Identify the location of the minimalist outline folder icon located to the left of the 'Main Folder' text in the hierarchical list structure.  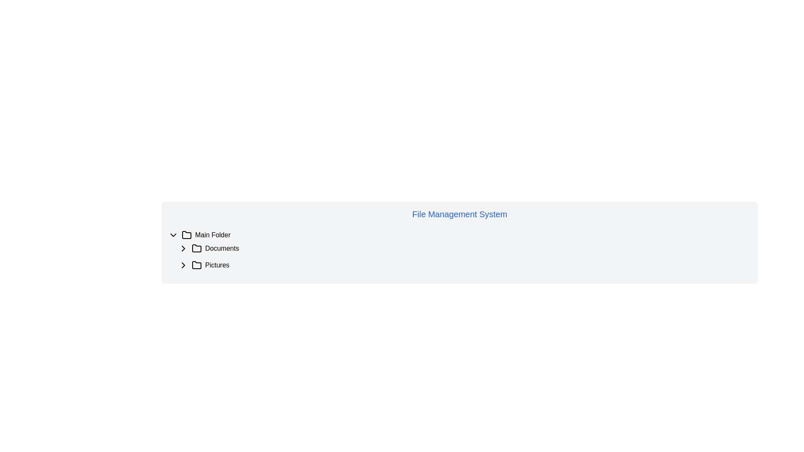
(186, 235).